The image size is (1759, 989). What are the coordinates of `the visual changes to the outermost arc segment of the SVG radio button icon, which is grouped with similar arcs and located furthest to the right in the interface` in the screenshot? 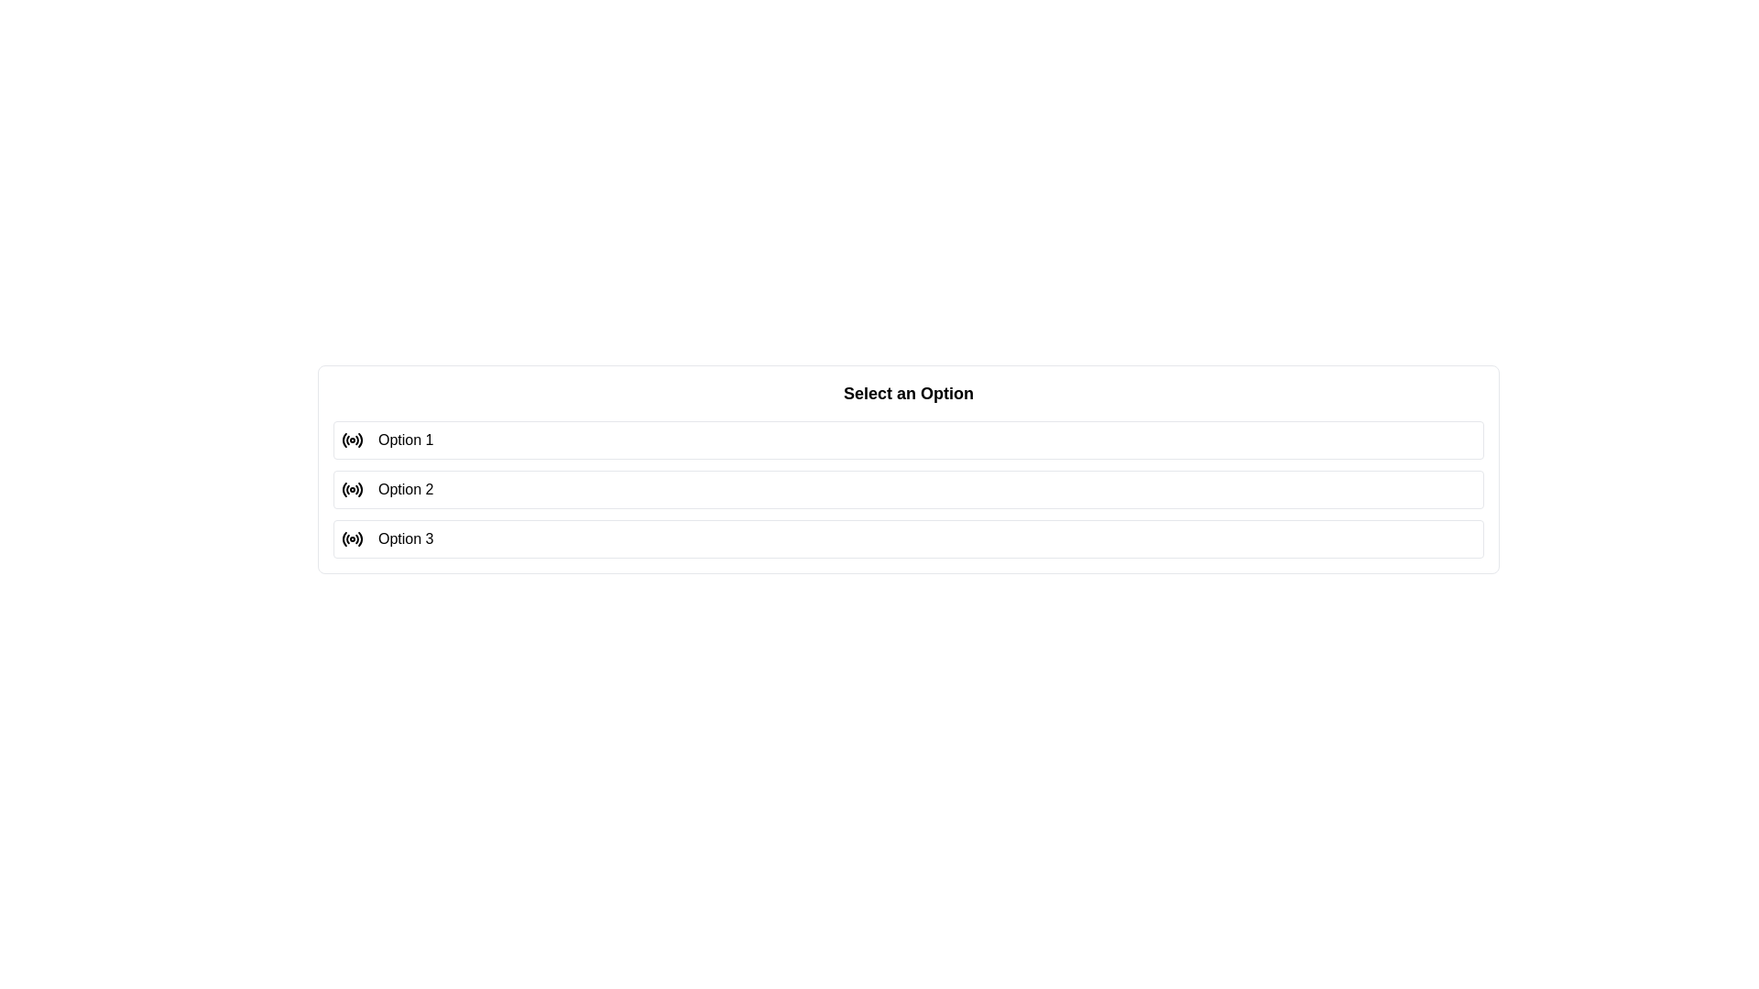 It's located at (360, 440).